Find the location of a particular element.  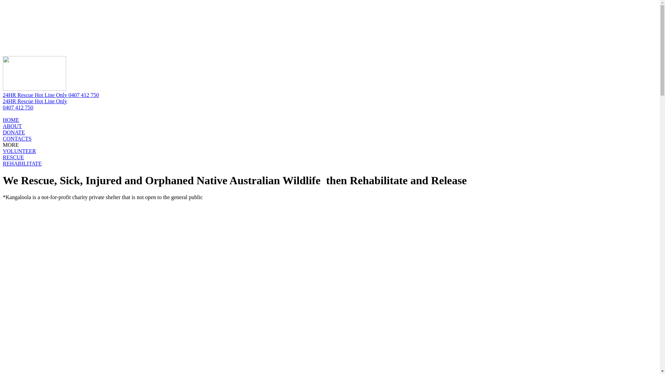

'24HR Rescue Hot Line Only 0407 412 750' is located at coordinates (51, 95).